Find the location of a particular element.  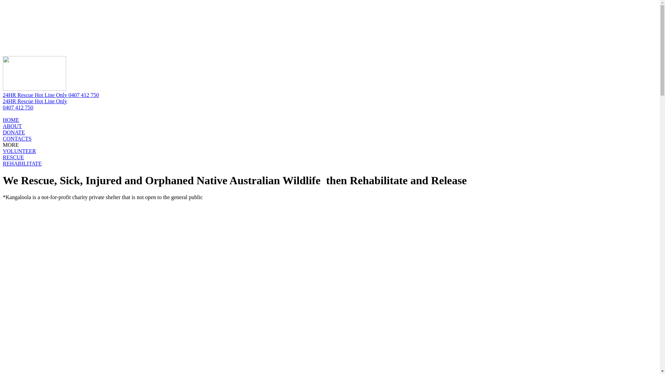

'24HR Rescue Hot Line Only 0407 412 750' is located at coordinates (51, 95).